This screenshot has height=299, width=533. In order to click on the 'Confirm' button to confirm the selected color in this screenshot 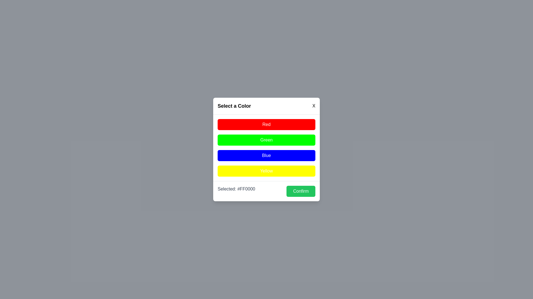, I will do `click(301, 191)`.